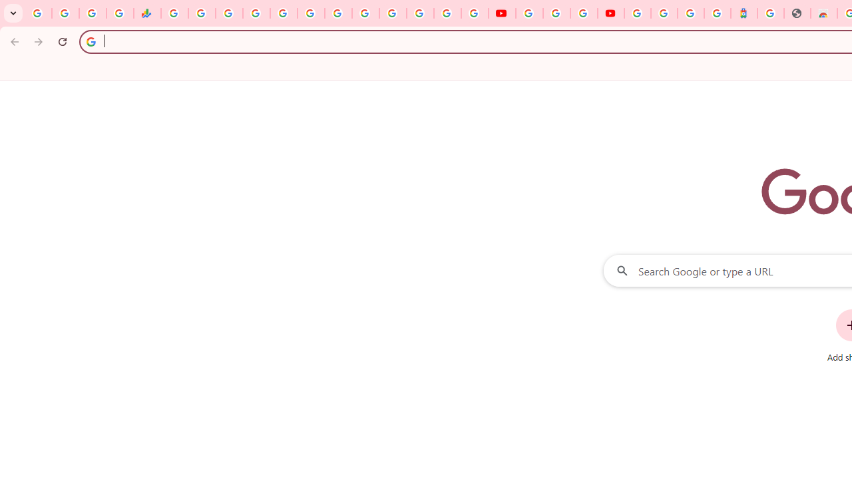 Image resolution: width=852 pixels, height=479 pixels. Describe the element at coordinates (338, 13) in the screenshot. I see `'Android TV Policies and Guidelines - Transparency Center'` at that location.